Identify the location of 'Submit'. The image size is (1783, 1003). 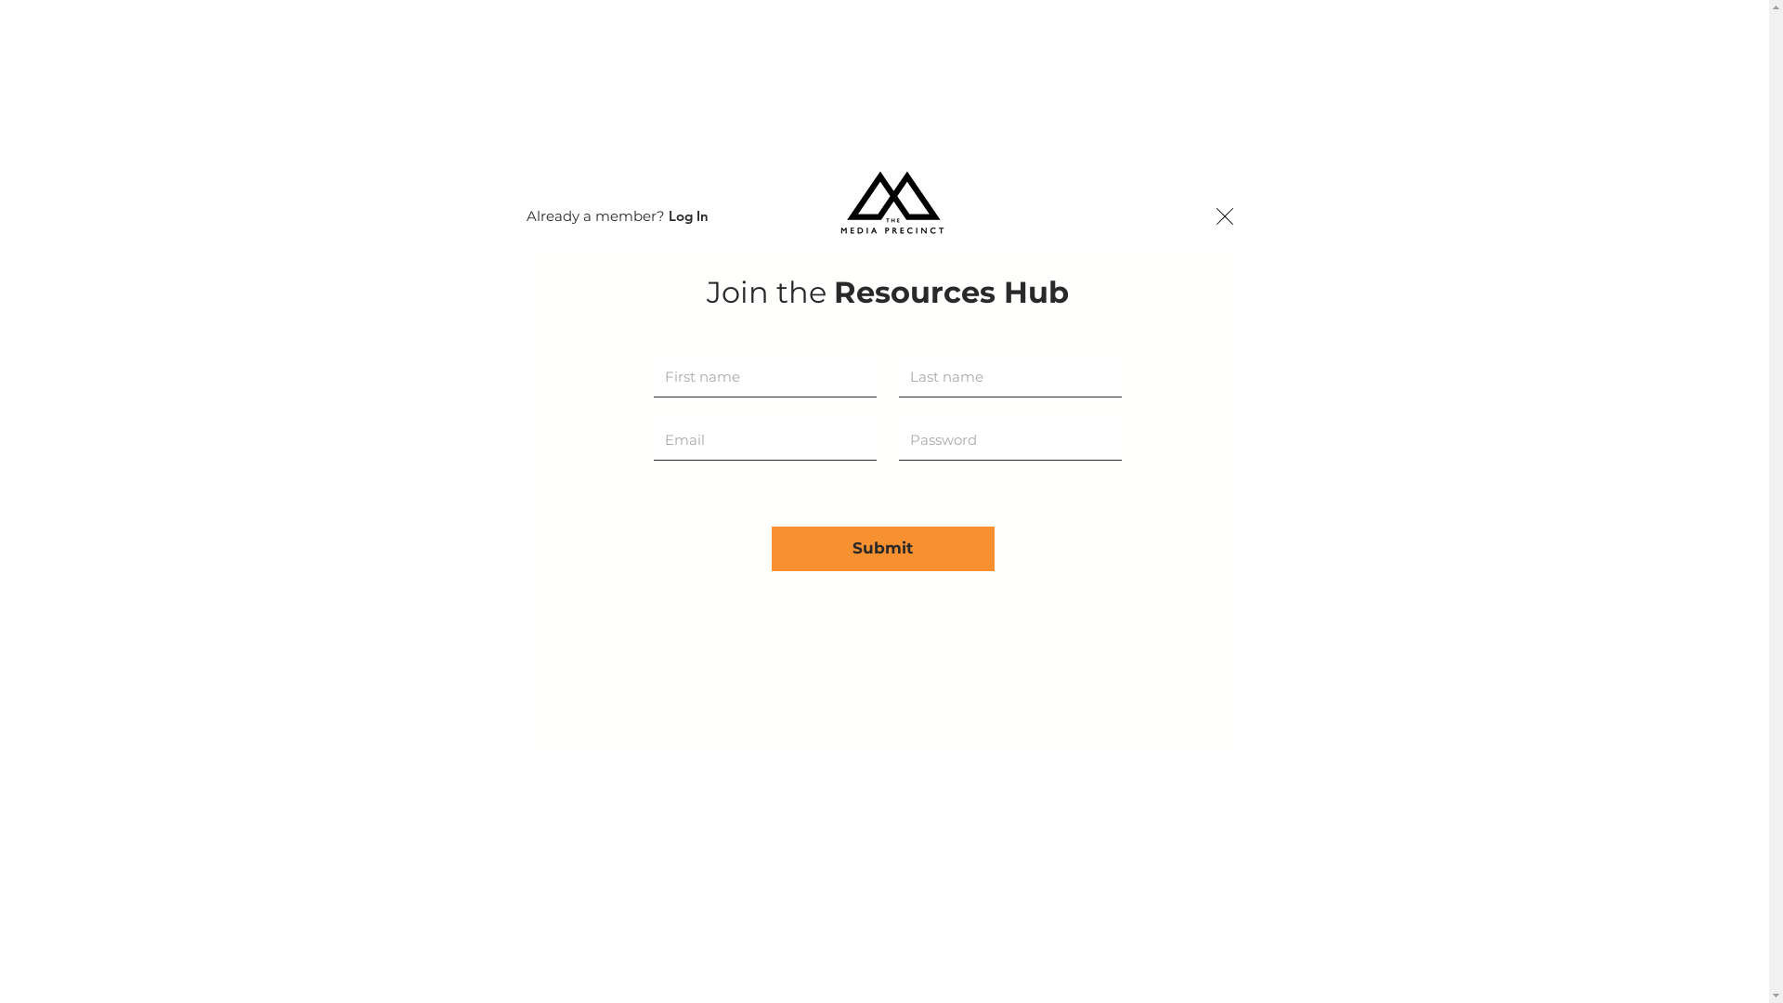
(771, 547).